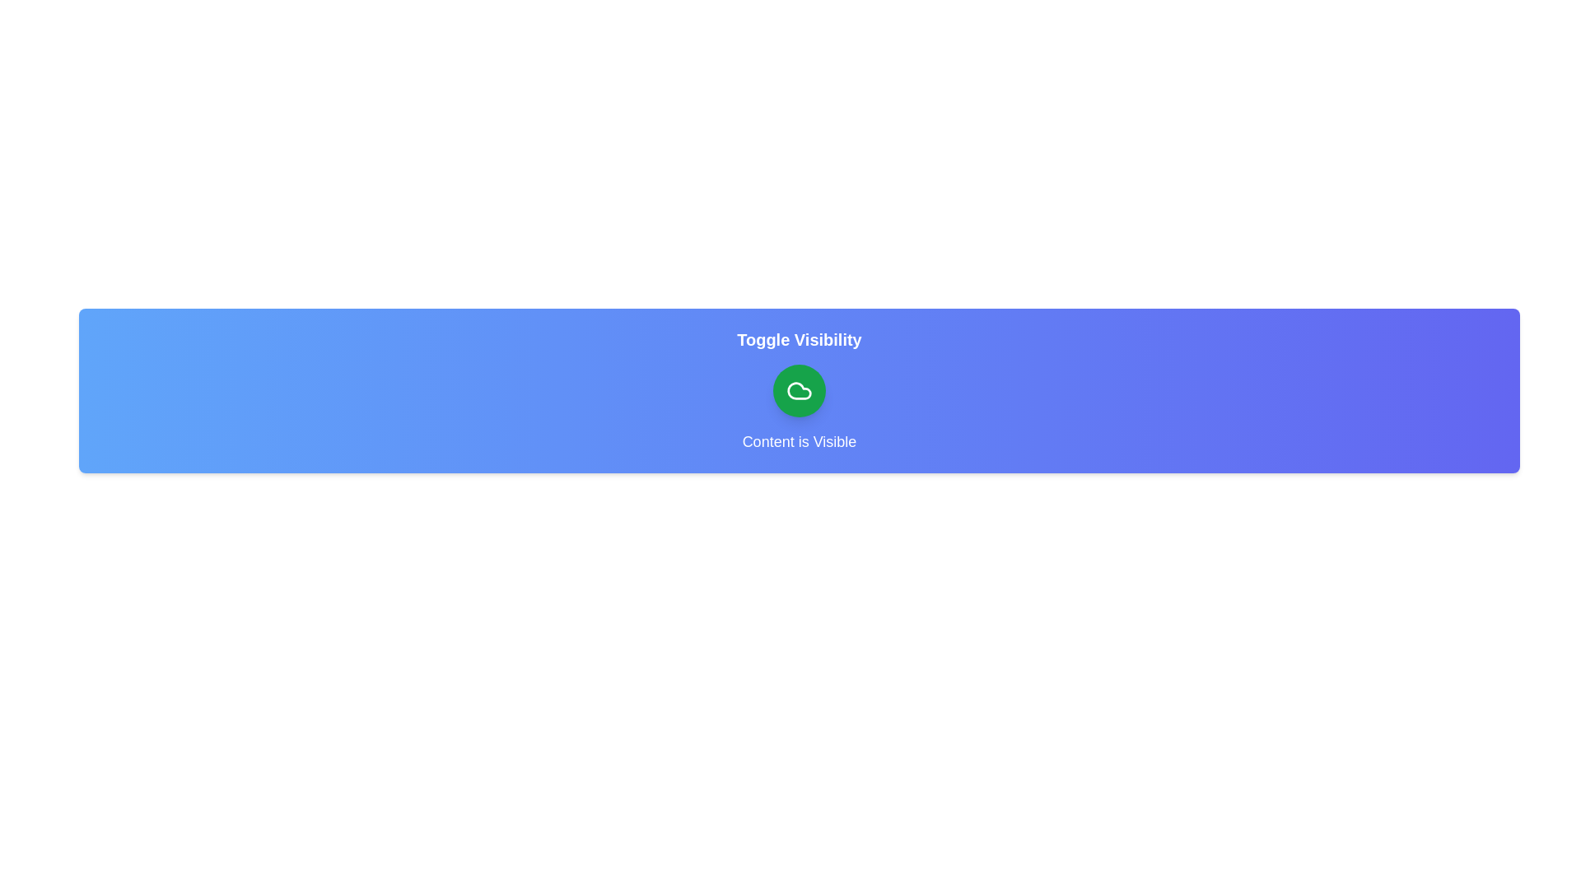 The width and height of the screenshot is (1581, 889). Describe the element at coordinates (799, 390) in the screenshot. I see `visibility toggle button to change the content visibility` at that location.